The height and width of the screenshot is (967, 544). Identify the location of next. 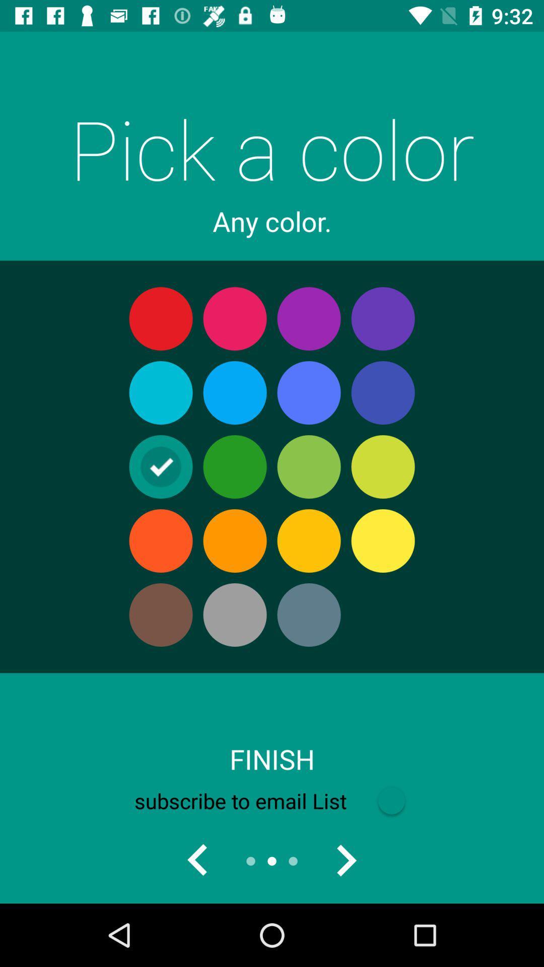
(345, 860).